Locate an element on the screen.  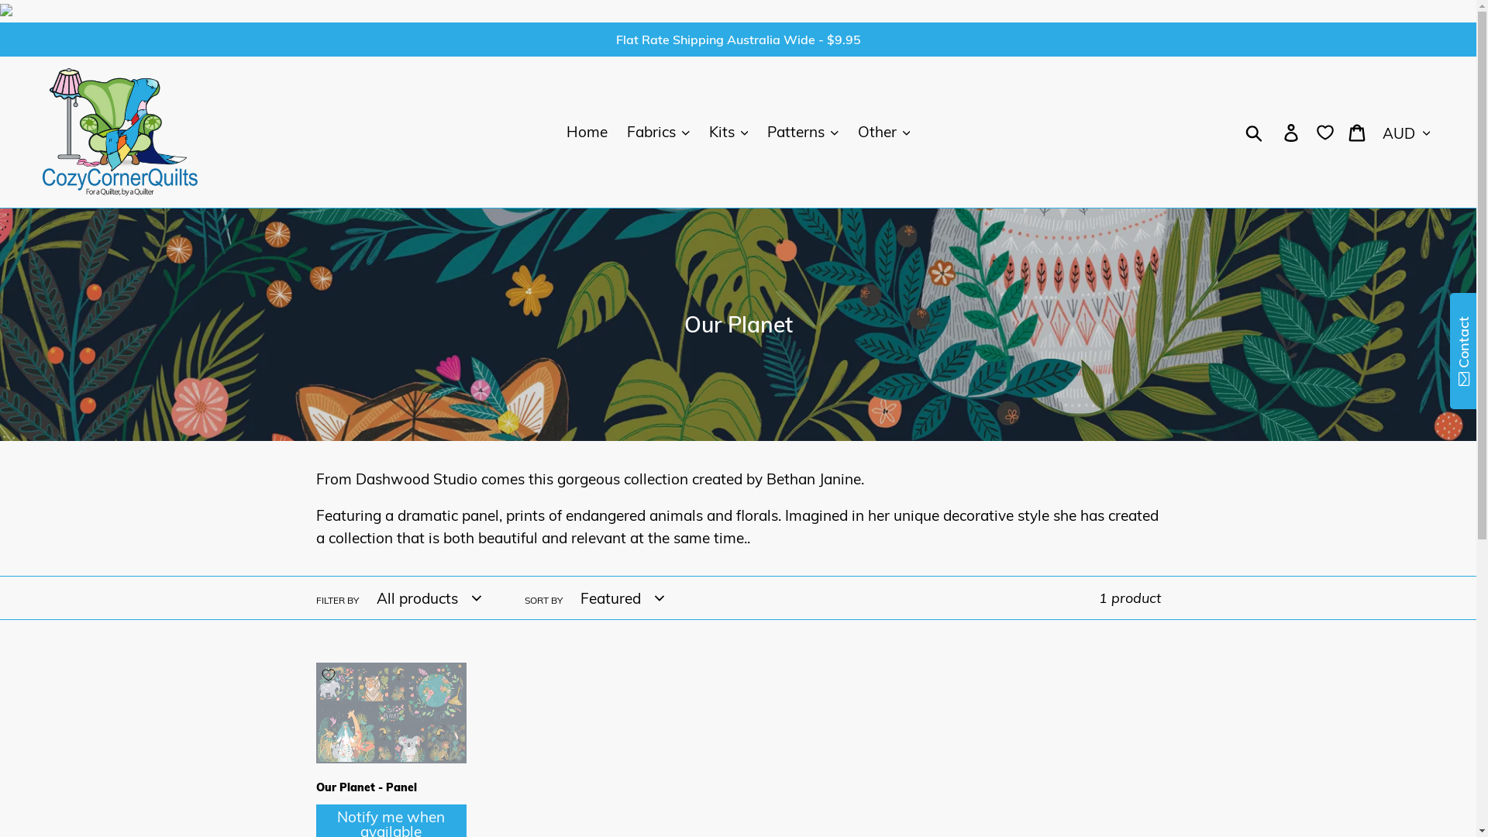
'Home' is located at coordinates (586, 131).